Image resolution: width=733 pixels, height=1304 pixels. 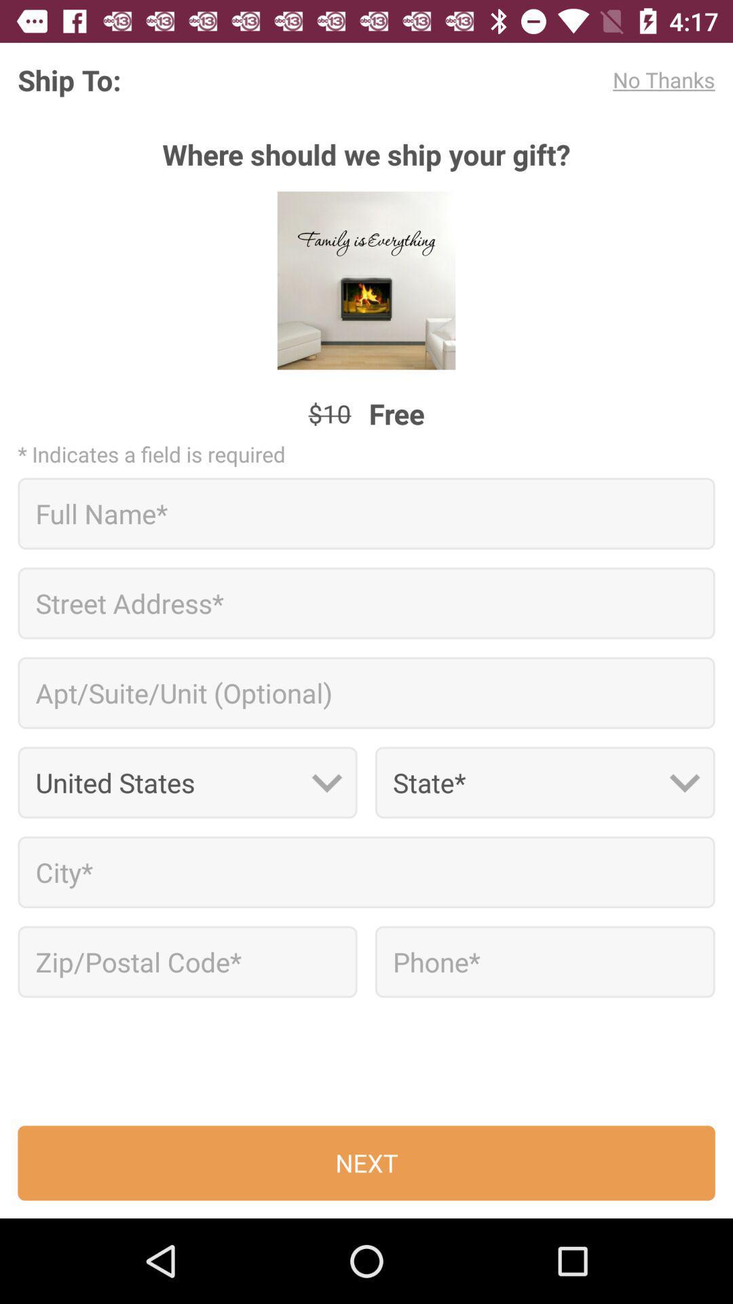 What do you see at coordinates (187, 782) in the screenshot?
I see `the country text field left next to state text field` at bounding box center [187, 782].